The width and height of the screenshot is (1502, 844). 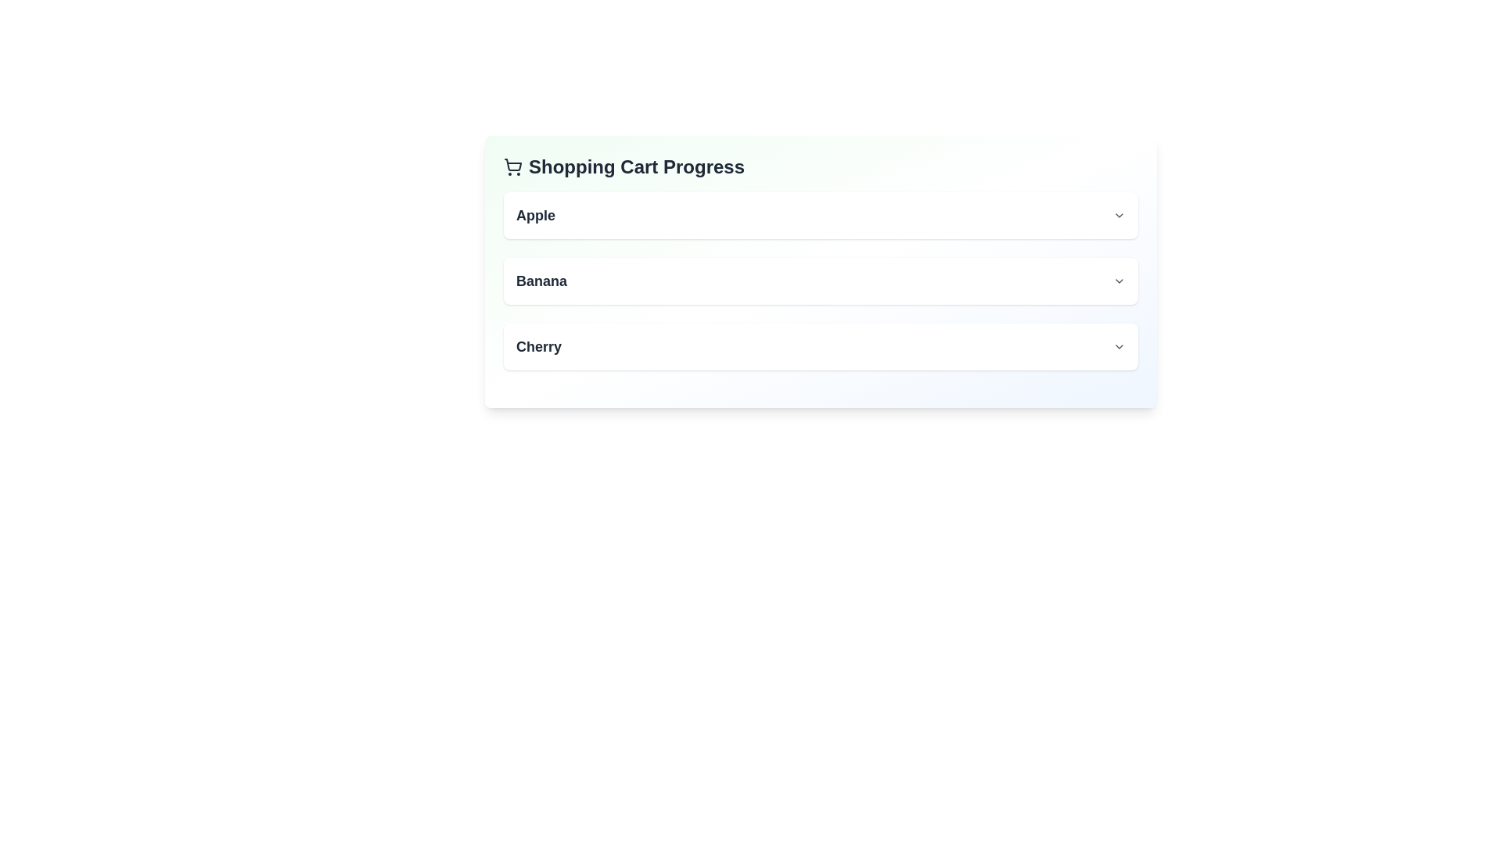 What do you see at coordinates (820, 345) in the screenshot?
I see `the third item in the dropdown menu, labeled 'Cherry'` at bounding box center [820, 345].